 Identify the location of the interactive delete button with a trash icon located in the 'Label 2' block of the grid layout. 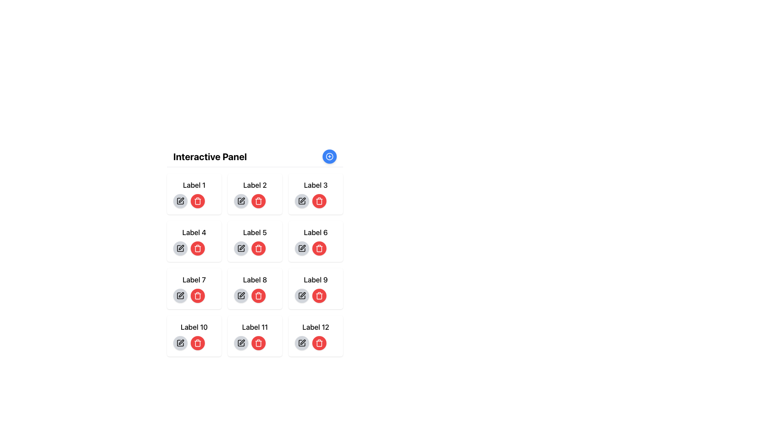
(255, 194).